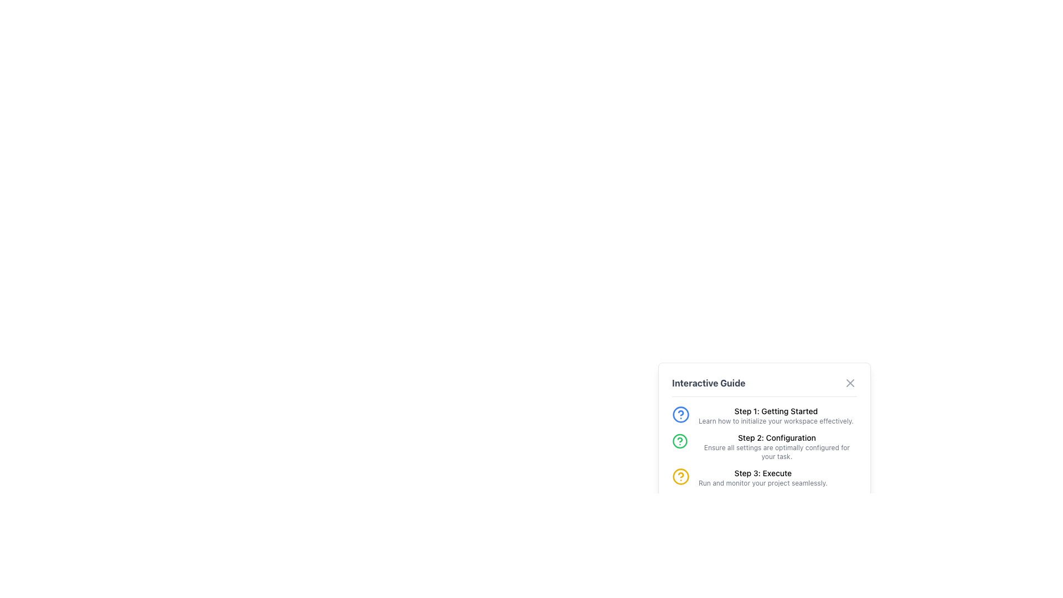 This screenshot has height=598, width=1063. What do you see at coordinates (850, 382) in the screenshot?
I see `the Close icon within the SVG image component` at bounding box center [850, 382].